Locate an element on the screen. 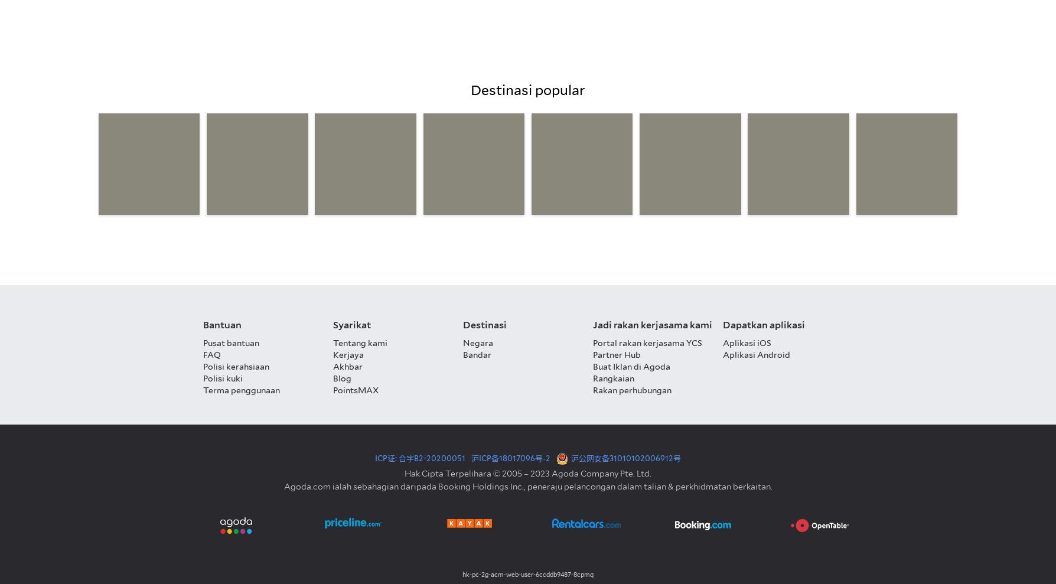 The width and height of the screenshot is (1056, 584). 'Aplikasi Android' is located at coordinates (755, 354).